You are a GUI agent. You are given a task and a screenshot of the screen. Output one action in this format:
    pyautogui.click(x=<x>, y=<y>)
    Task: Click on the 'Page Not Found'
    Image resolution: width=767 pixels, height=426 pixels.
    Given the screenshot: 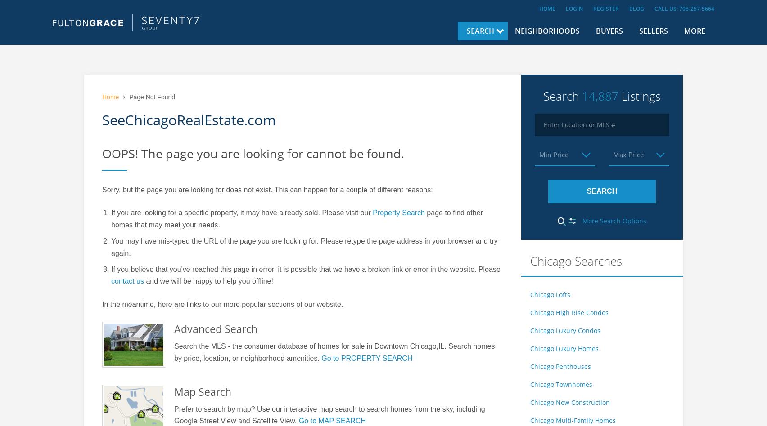 What is the action you would take?
    pyautogui.click(x=151, y=96)
    